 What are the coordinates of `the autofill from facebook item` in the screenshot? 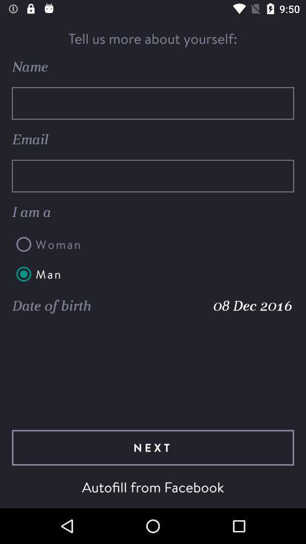 It's located at (153, 486).